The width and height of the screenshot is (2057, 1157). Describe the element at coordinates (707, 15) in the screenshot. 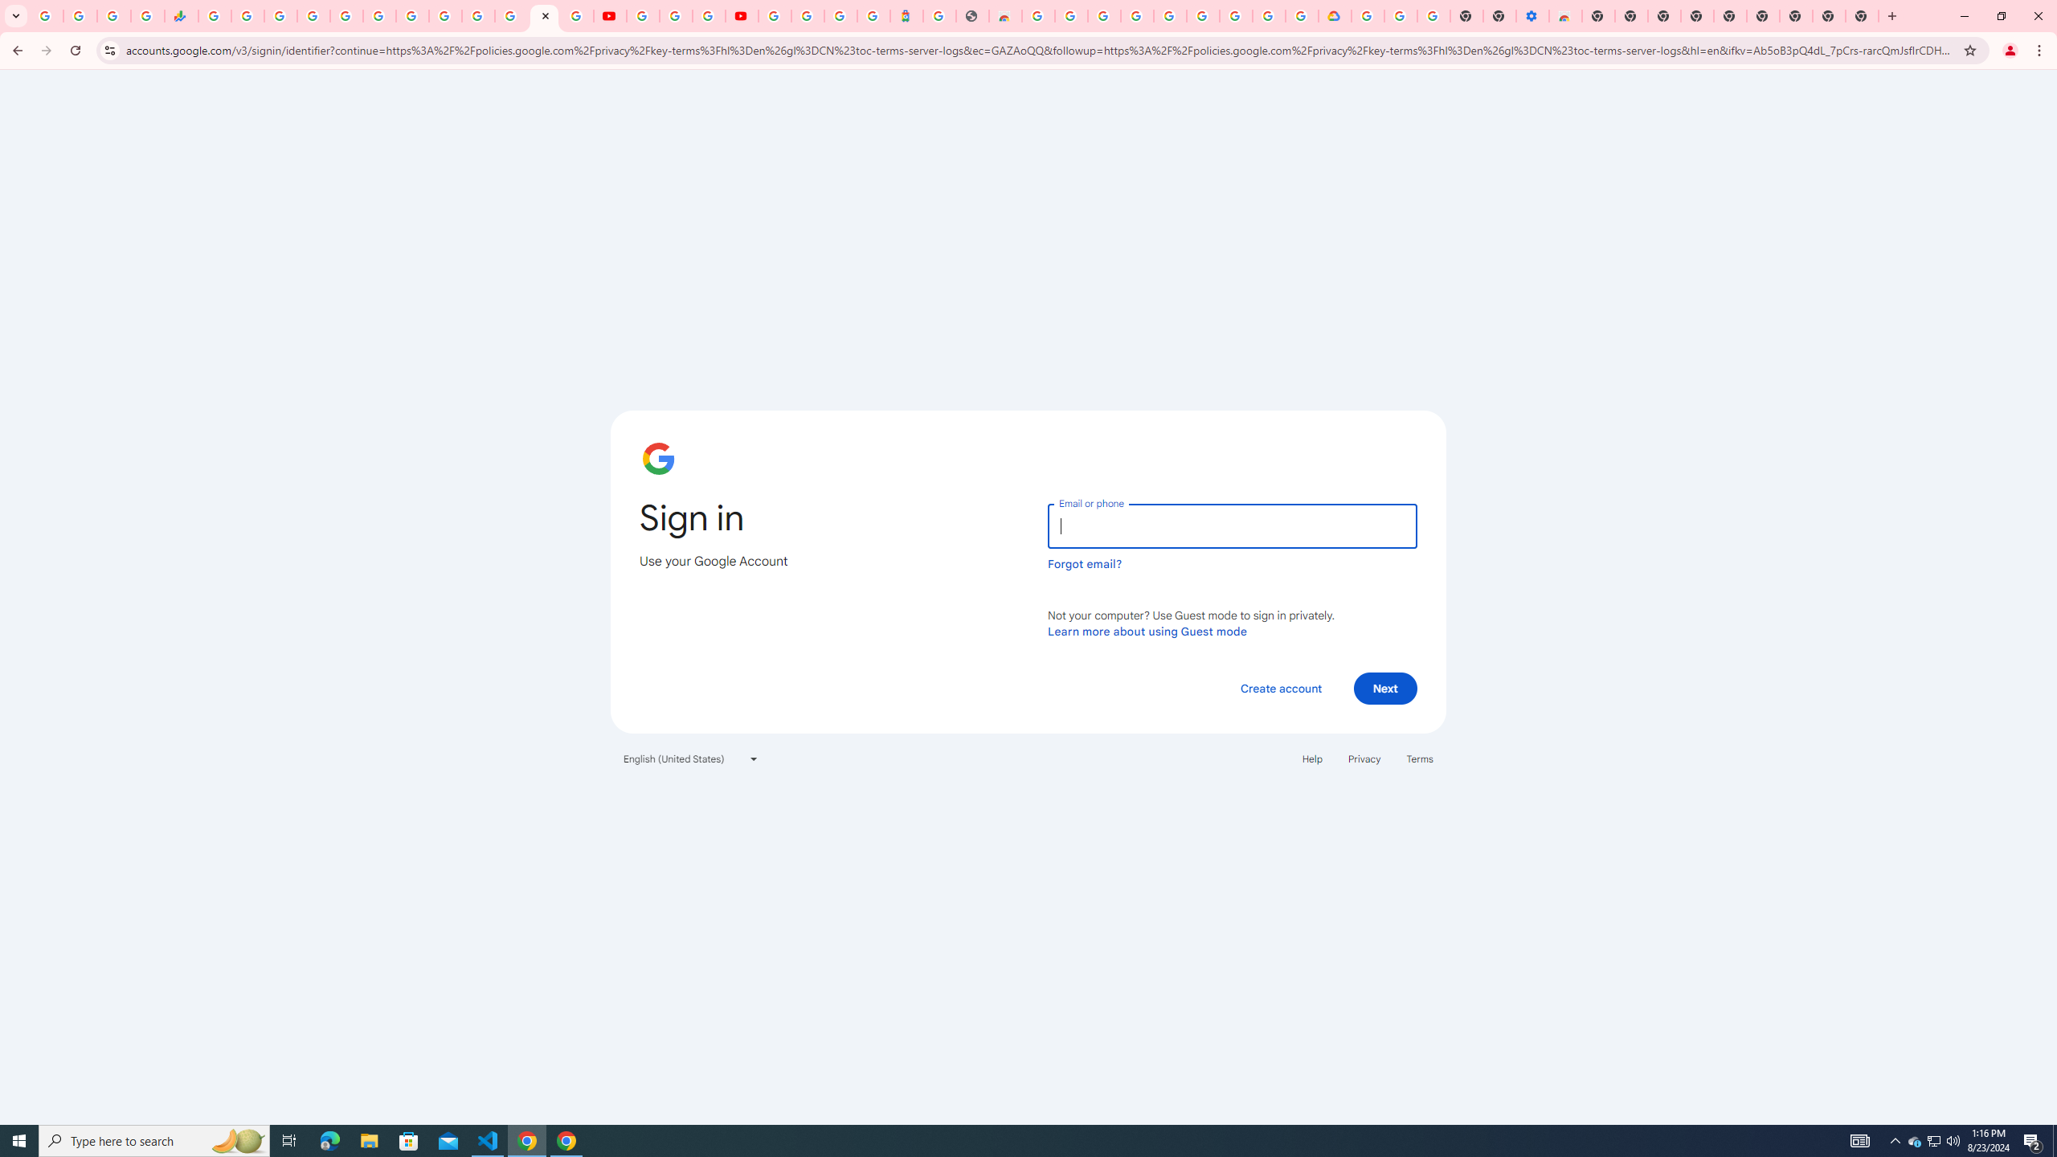

I see `'Create your Google Account'` at that location.